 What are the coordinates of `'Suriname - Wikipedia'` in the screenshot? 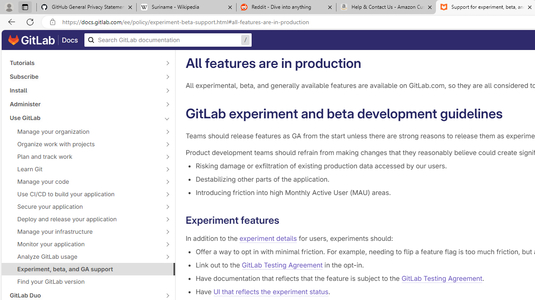 It's located at (186, 7).